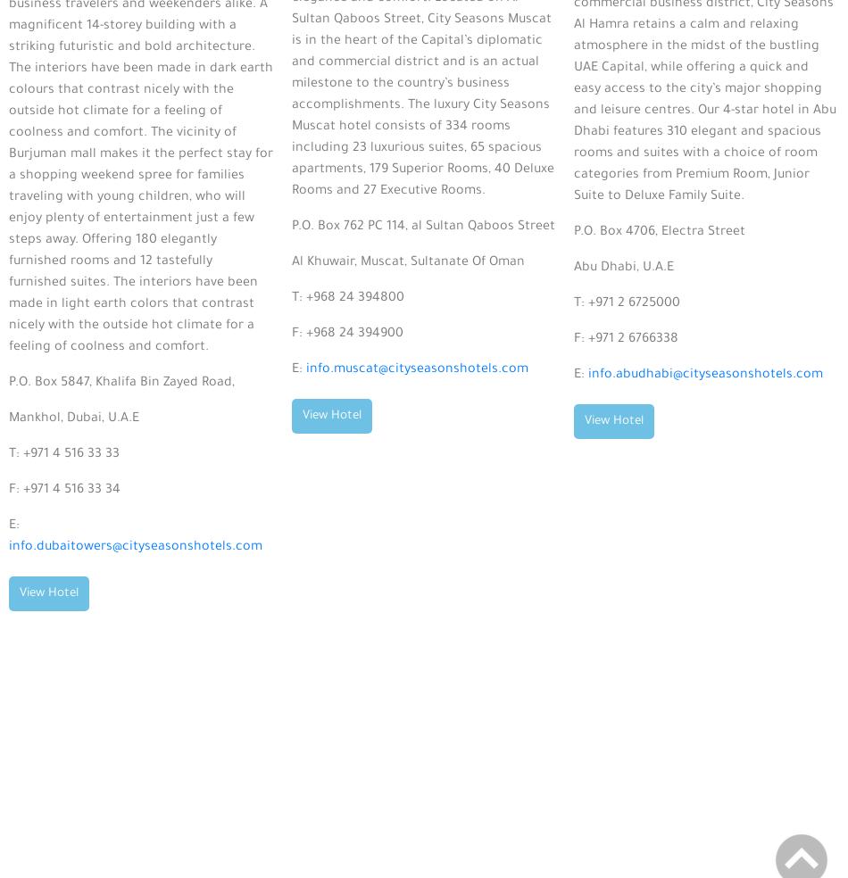 The width and height of the screenshot is (848, 878). I want to click on 'P.O. Box 5847, Khalifa Bin Zayed Road,', so click(121, 384).